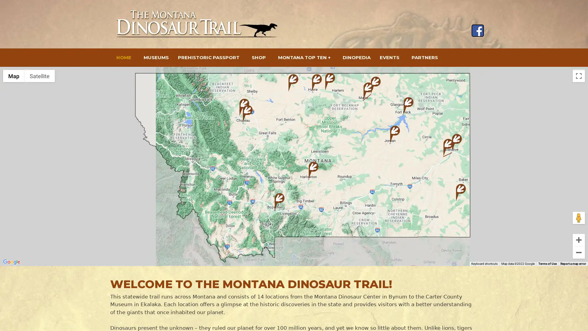  Describe the element at coordinates (395, 134) in the screenshot. I see `Garfield County Museum` at that location.